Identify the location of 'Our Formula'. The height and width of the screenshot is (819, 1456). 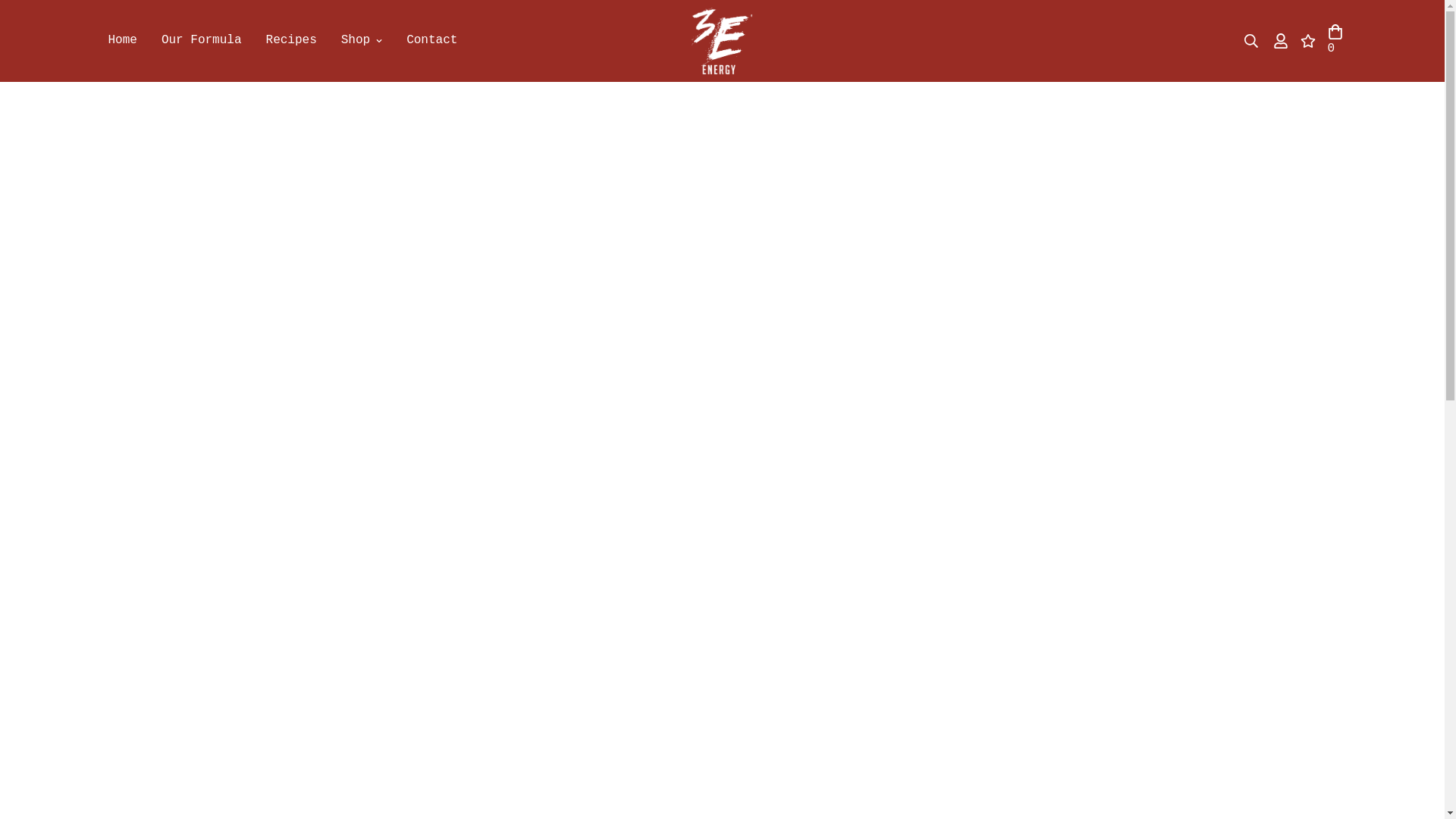
(200, 39).